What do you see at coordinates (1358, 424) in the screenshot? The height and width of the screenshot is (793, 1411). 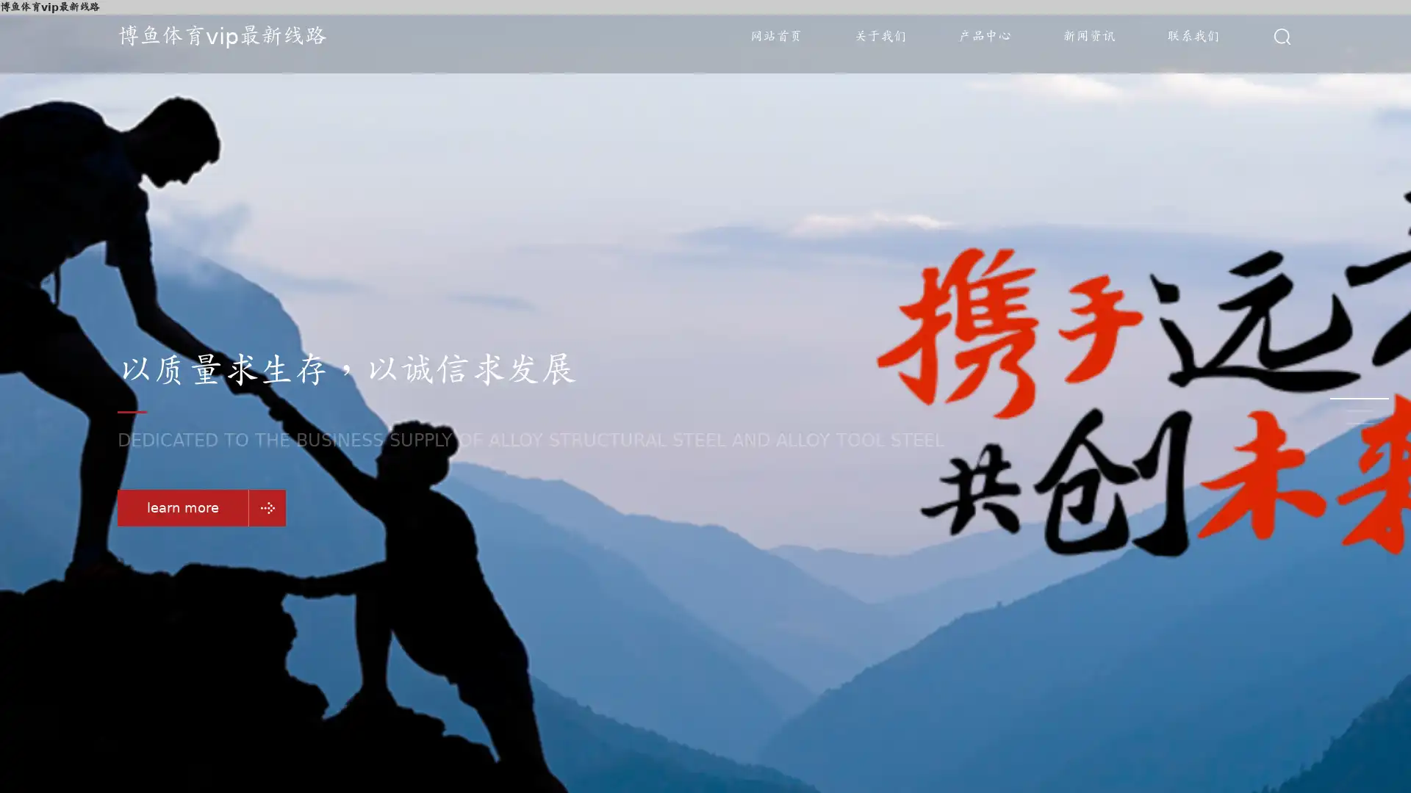 I see `Go to slide 3` at bounding box center [1358, 424].